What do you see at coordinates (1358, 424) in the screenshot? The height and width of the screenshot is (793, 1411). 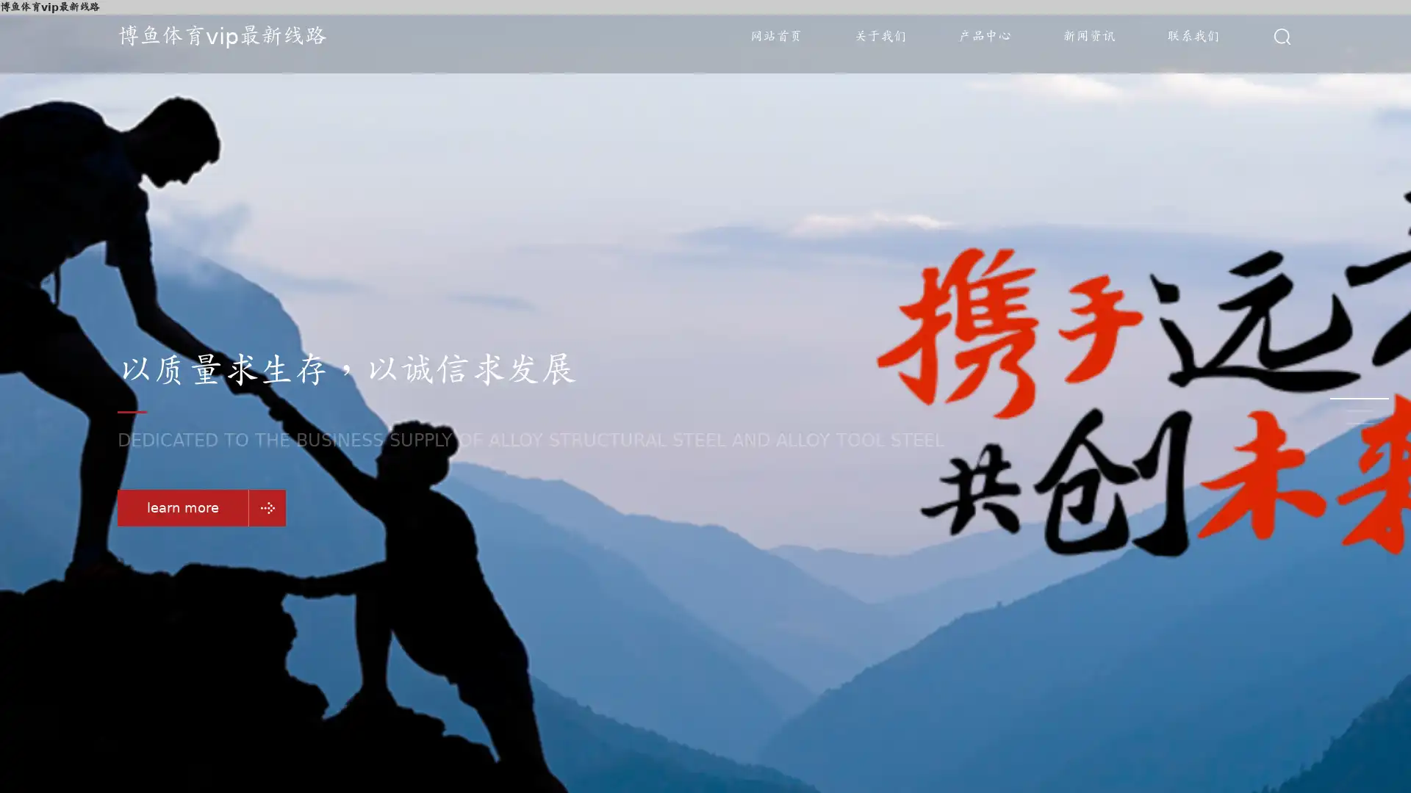 I see `Go to slide 3` at bounding box center [1358, 424].